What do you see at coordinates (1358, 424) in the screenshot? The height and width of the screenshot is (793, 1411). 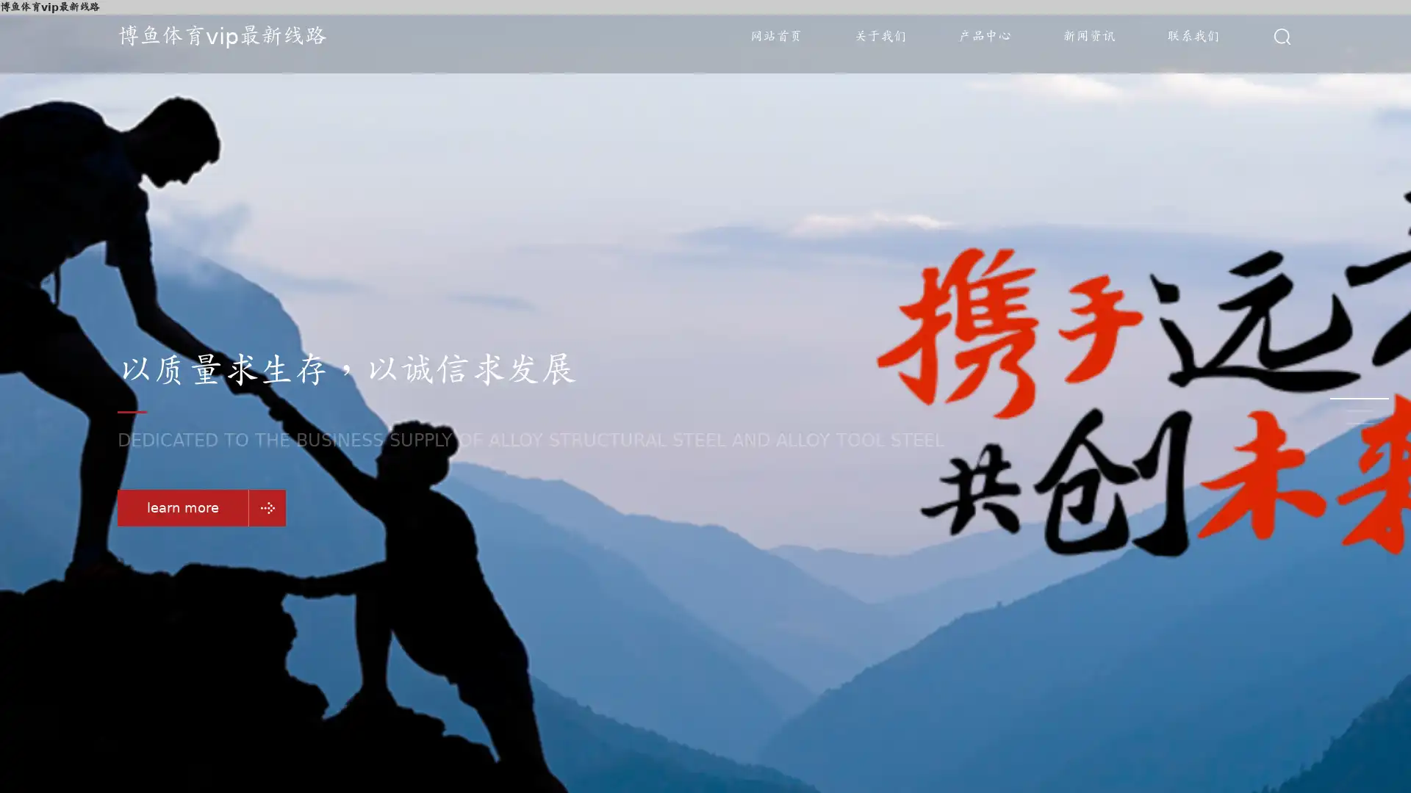 I see `Go to slide 3` at bounding box center [1358, 424].